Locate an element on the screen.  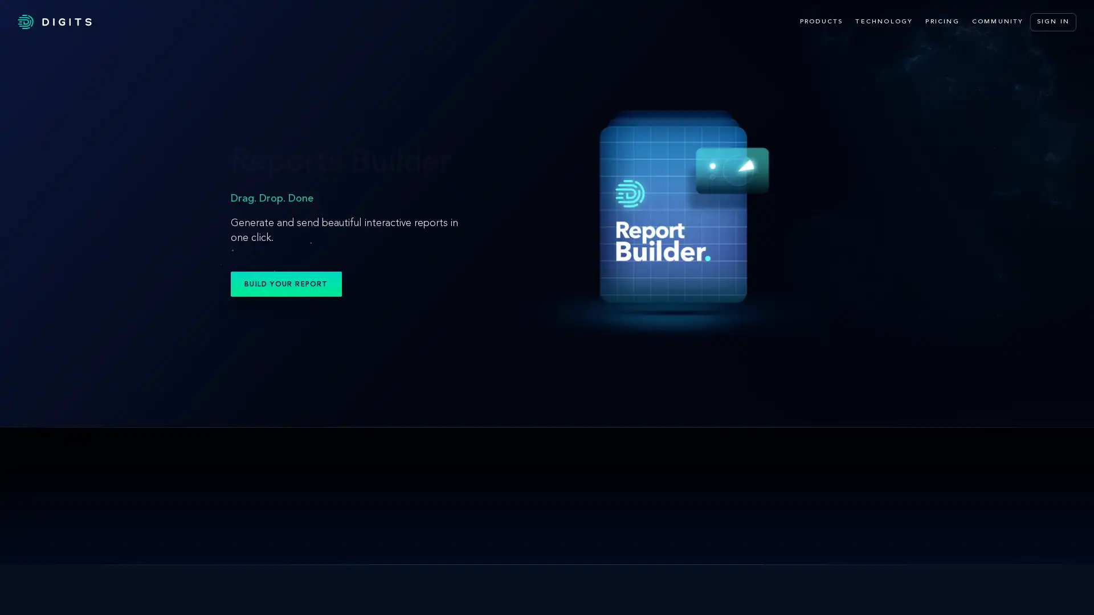
PRODUCTS is located at coordinates (820, 22).